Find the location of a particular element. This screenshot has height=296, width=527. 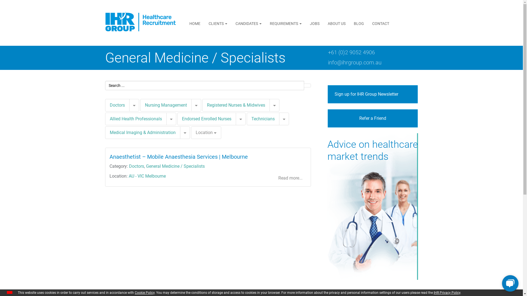

'Toggle Dropdown' is located at coordinates (240, 119).